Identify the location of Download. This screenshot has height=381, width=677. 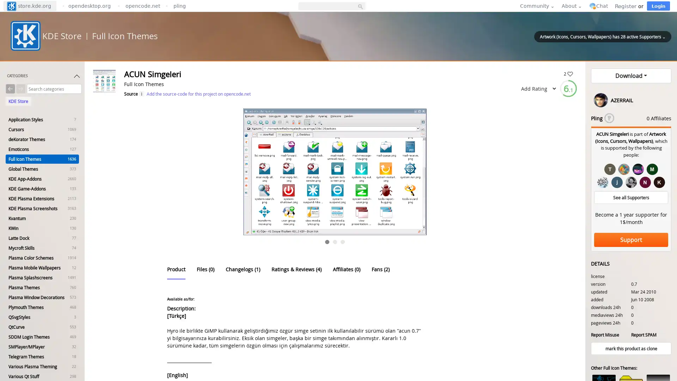
(631, 76).